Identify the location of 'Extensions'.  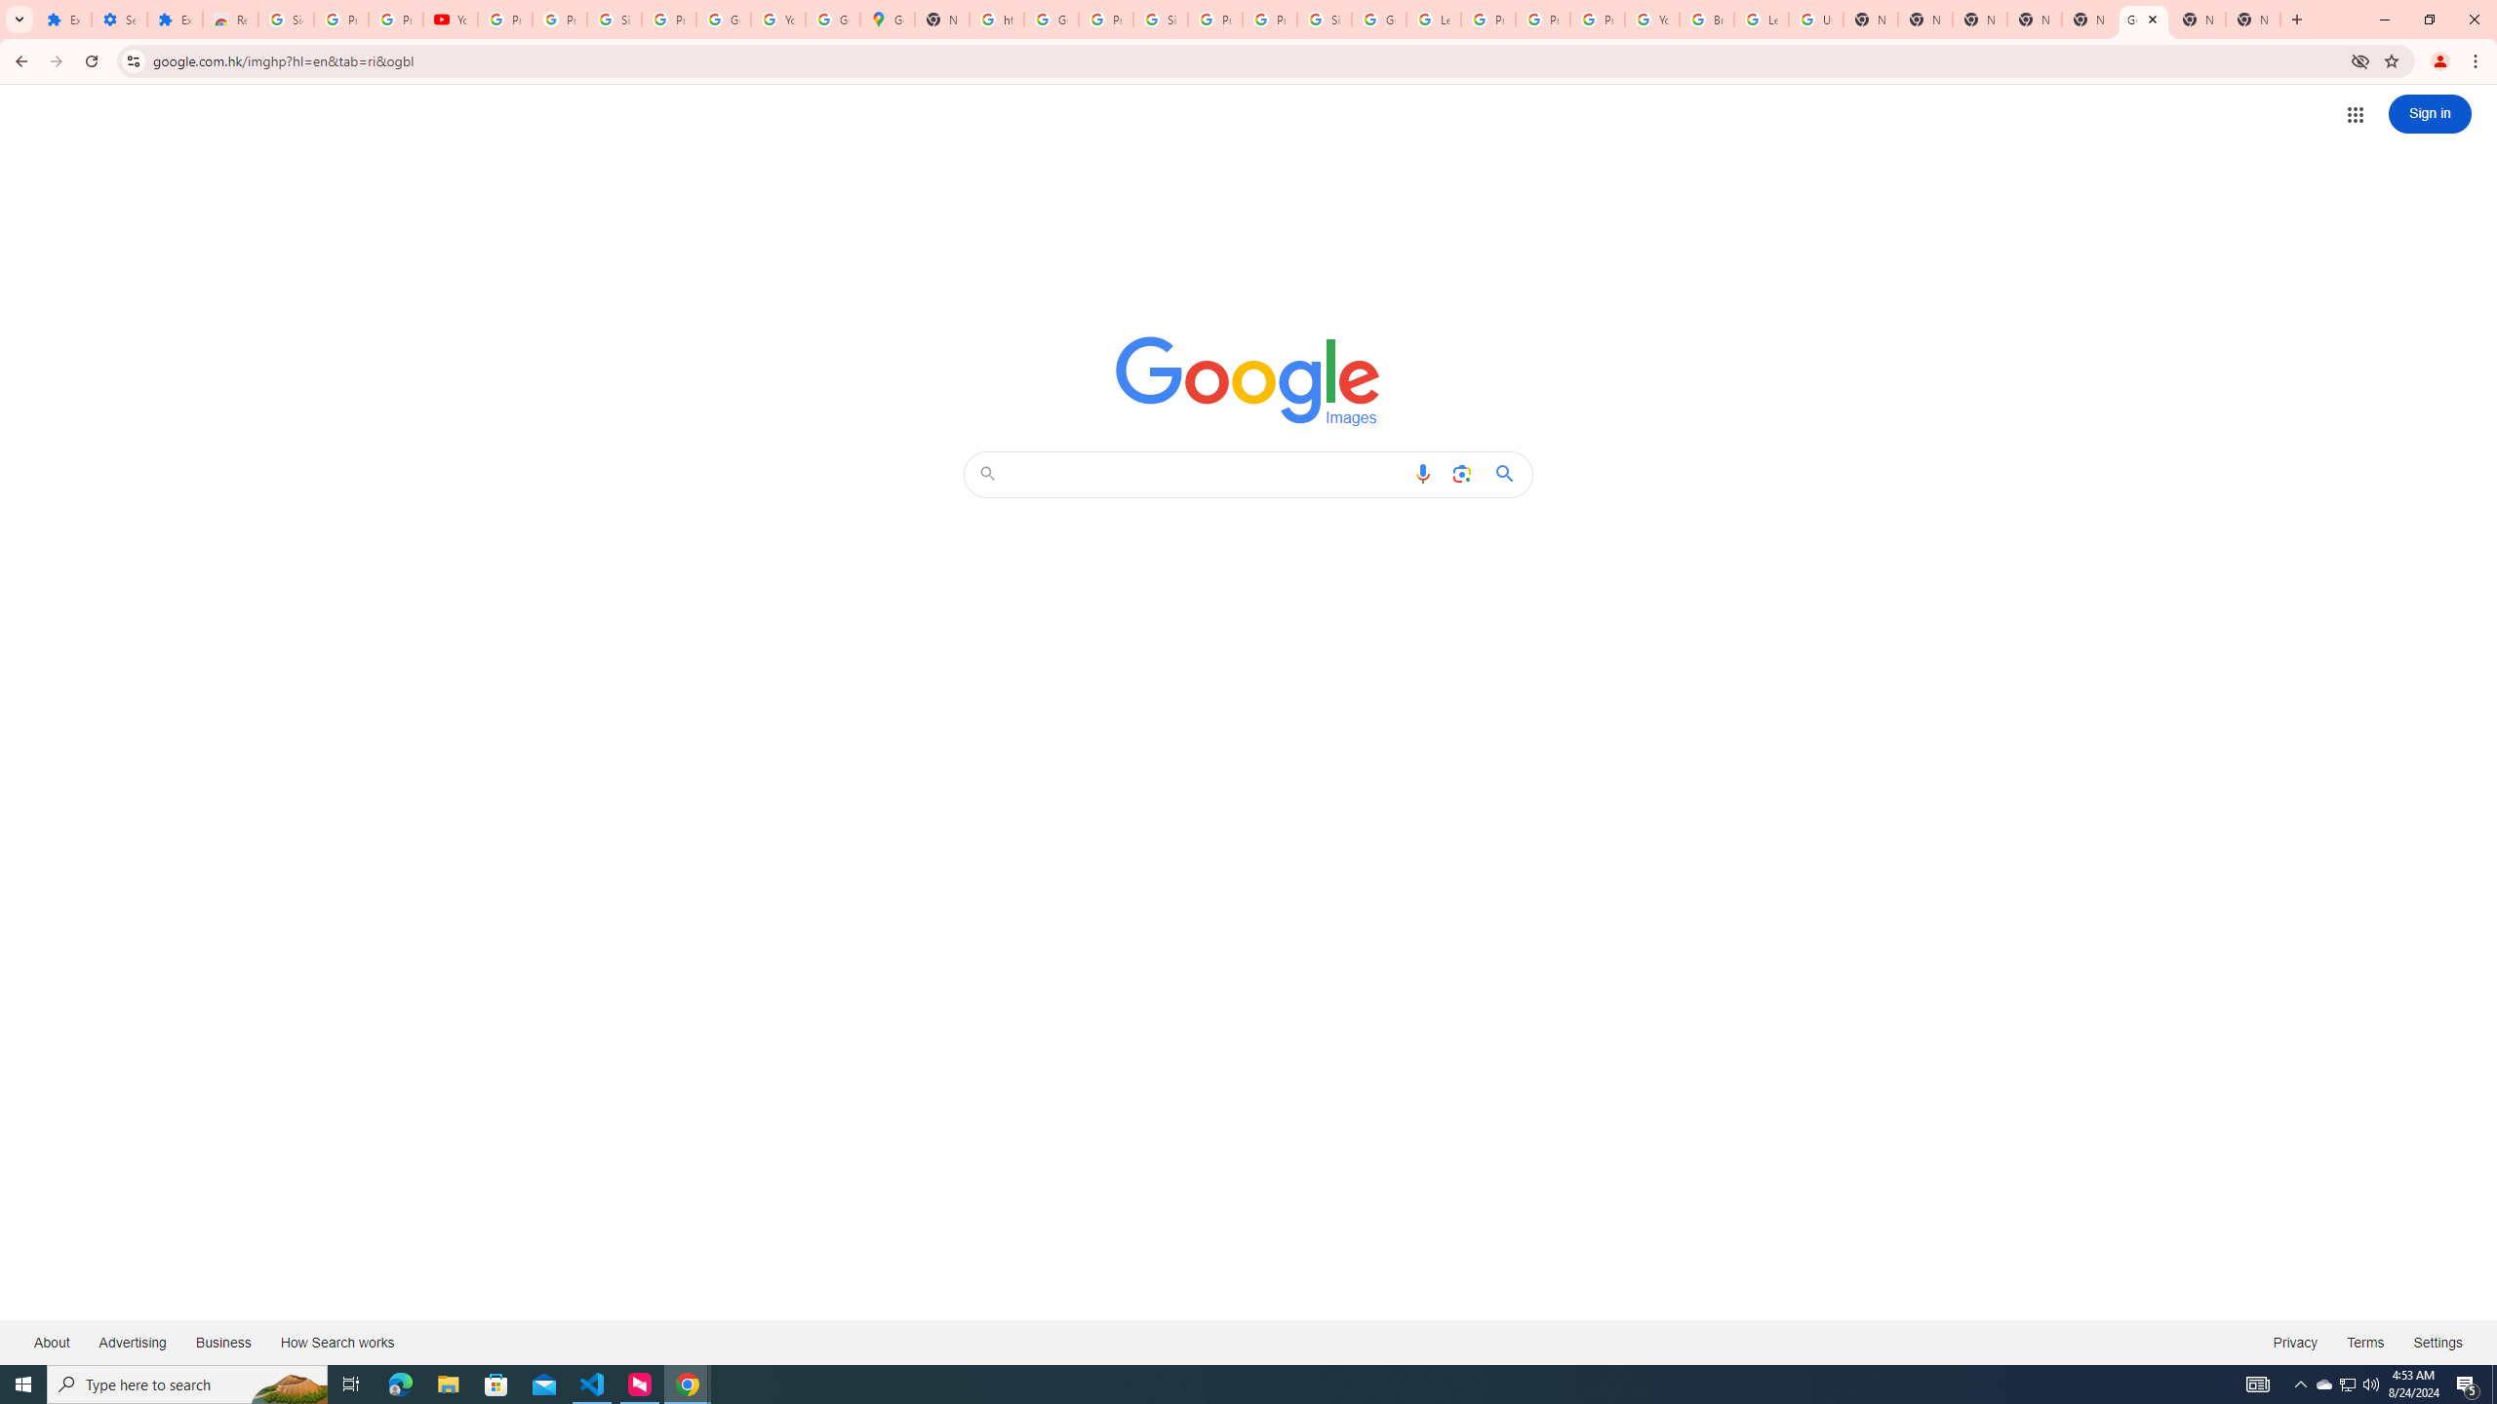
(175, 19).